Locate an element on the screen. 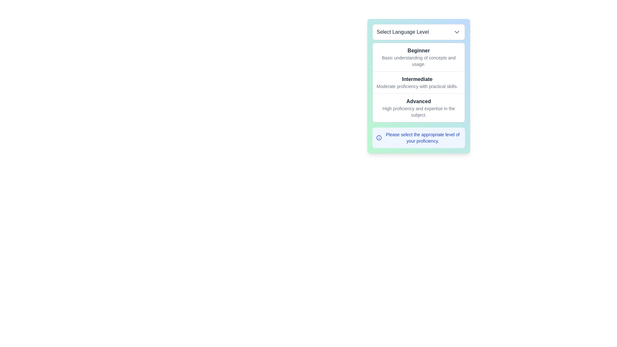 The image size is (617, 347). the circular SVG graphic that is part of an informational icon located to the left of the text 'Please select the appropriate level of your proficiency.' is located at coordinates (379, 137).